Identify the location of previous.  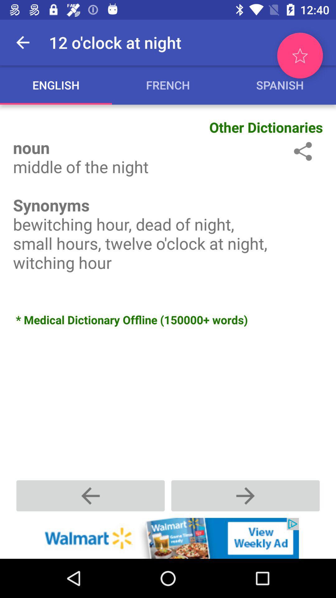
(90, 495).